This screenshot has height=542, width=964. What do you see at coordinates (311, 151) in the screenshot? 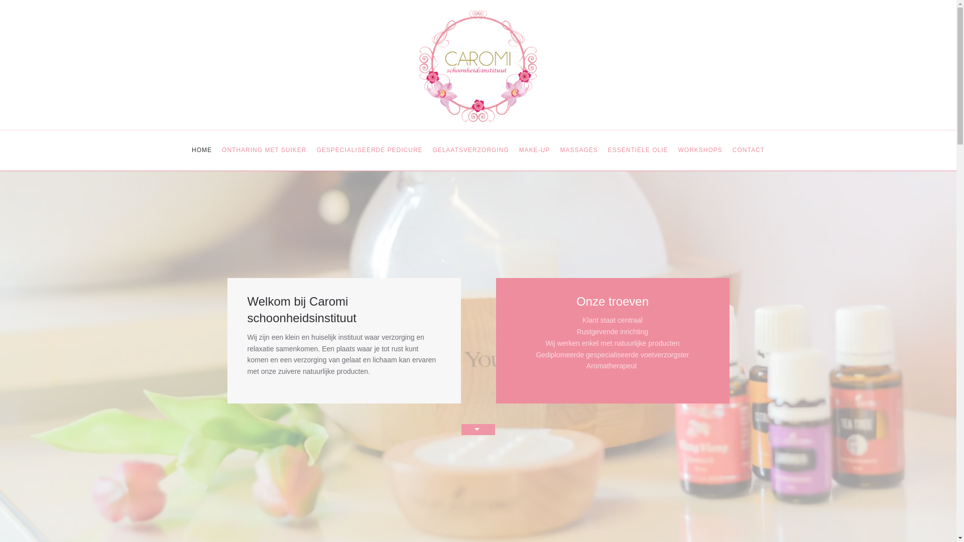
I see `'GESPECIALISEERDE PEDICURE'` at bounding box center [311, 151].